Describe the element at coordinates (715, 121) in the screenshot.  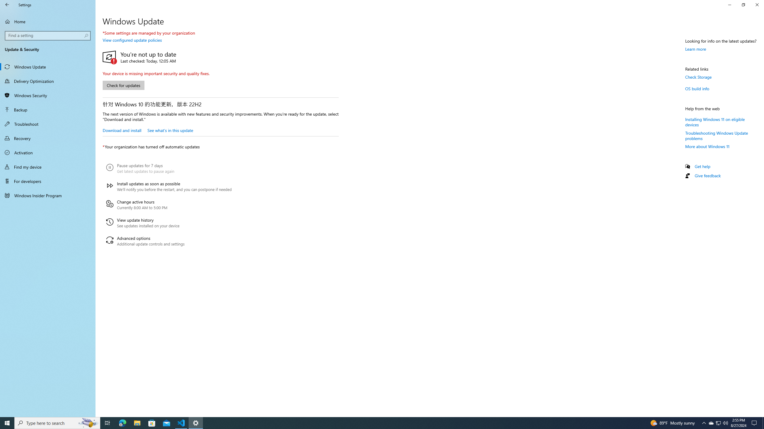
I see `'Installing Windows 11 on eligible devices'` at that location.